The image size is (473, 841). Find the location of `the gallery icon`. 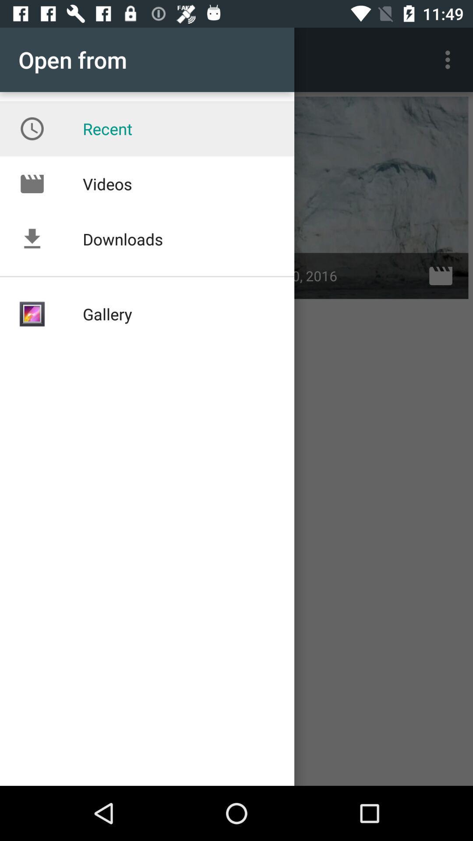

the gallery icon is located at coordinates (32, 314).